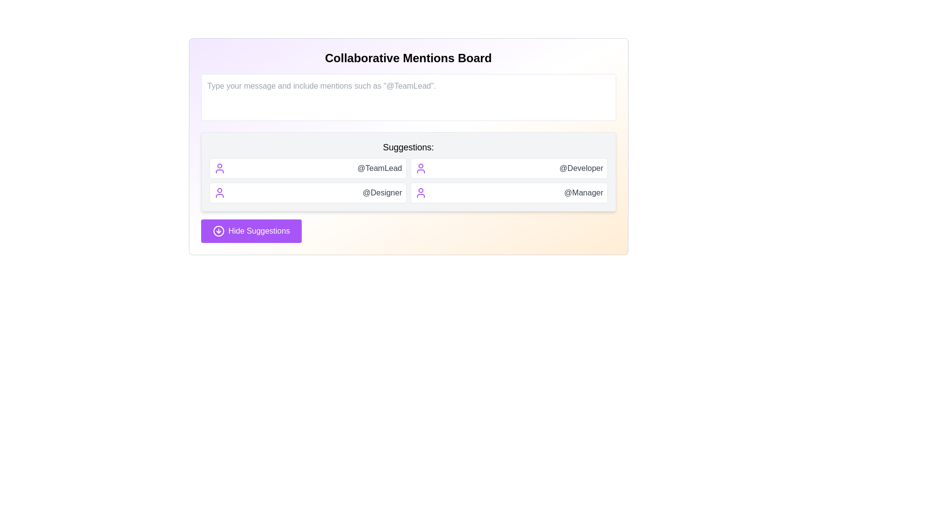 The width and height of the screenshot is (942, 529). Describe the element at coordinates (509, 192) in the screenshot. I see `the selectable option in the suggestions list located in the second row and second column, which is the fourth option following '@Designer' horizontally and '@Developer' vertically` at that location.